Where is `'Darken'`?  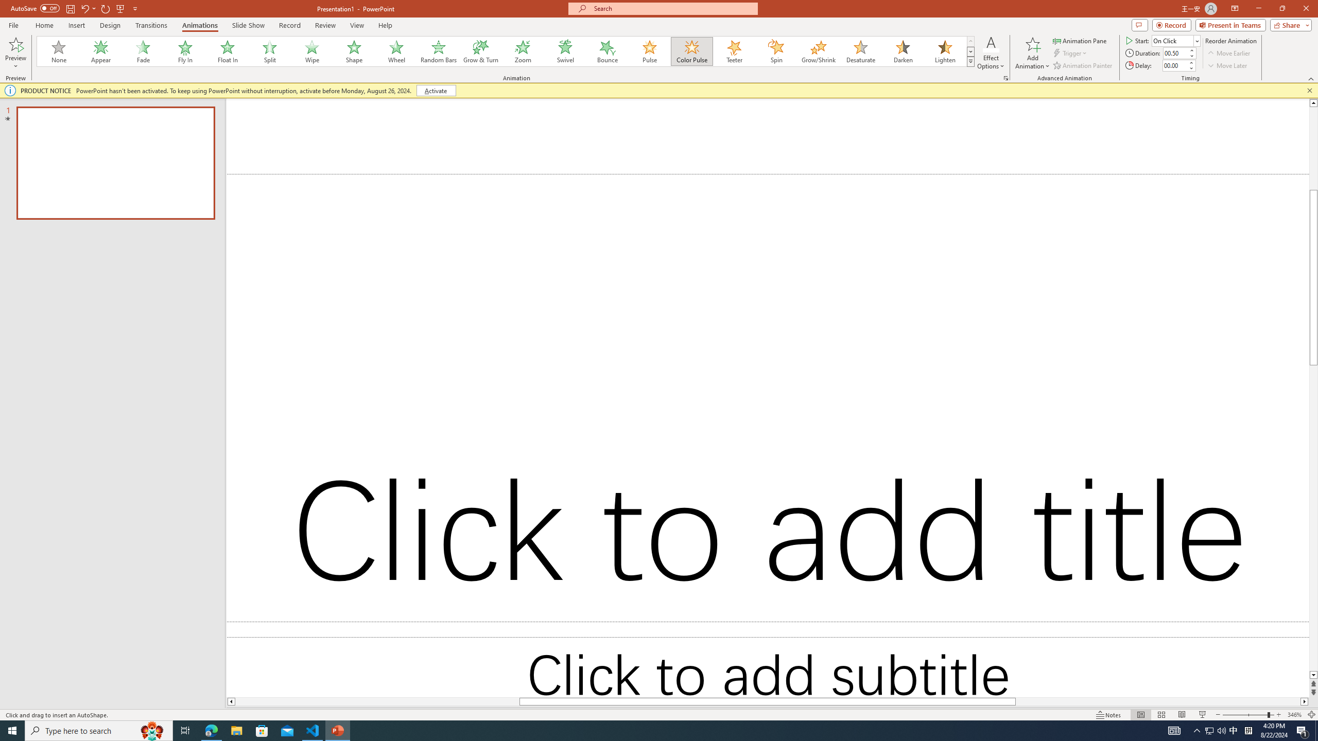
'Darken' is located at coordinates (902, 51).